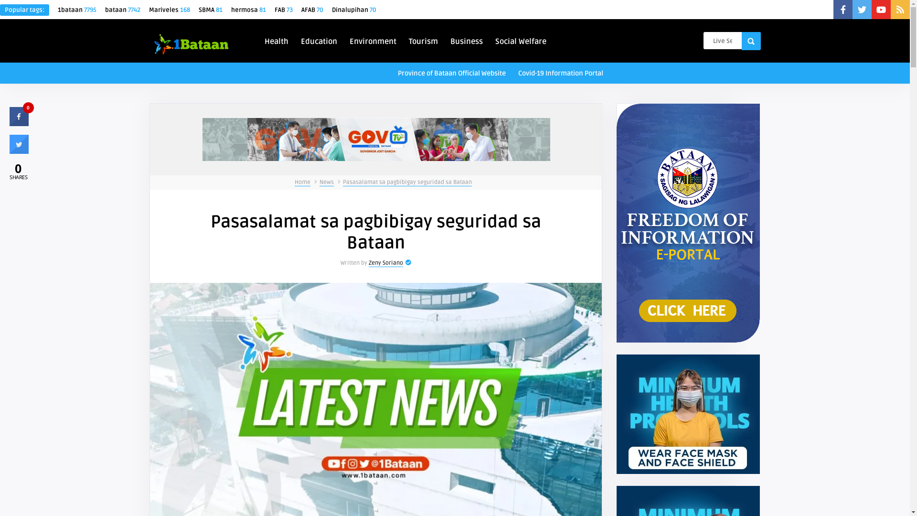  What do you see at coordinates (446, 40) in the screenshot?
I see `'Business'` at bounding box center [446, 40].